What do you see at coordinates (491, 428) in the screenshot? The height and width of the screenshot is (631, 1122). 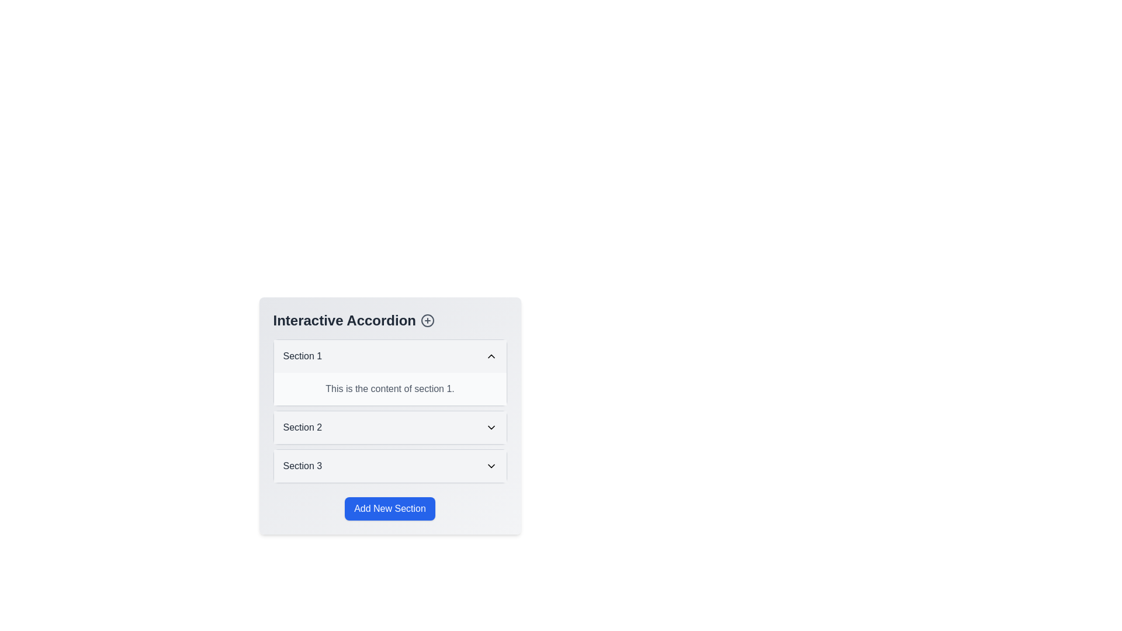 I see `the downward-facing chevron icon button located to the far right of the 'Section 2' header in the accordion interface` at bounding box center [491, 428].